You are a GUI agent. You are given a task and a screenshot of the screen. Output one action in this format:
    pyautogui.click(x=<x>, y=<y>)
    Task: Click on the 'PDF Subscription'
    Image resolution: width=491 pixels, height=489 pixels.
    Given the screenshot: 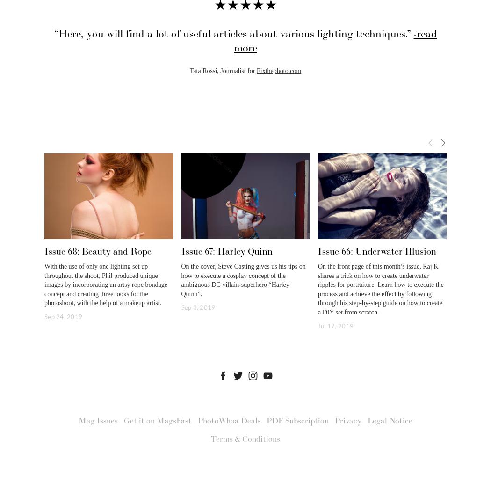 What is the action you would take?
    pyautogui.click(x=266, y=421)
    